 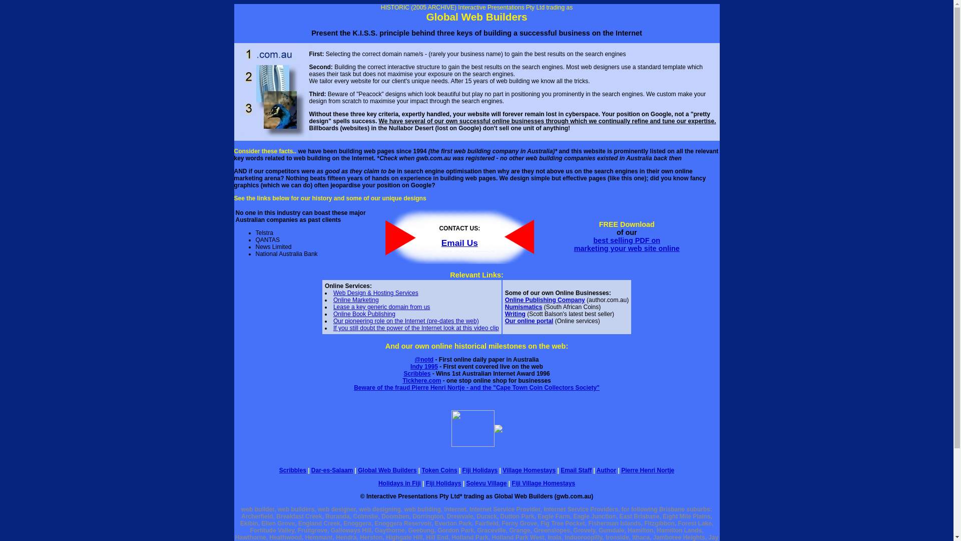 I want to click on 'Email Staff', so click(x=576, y=470).